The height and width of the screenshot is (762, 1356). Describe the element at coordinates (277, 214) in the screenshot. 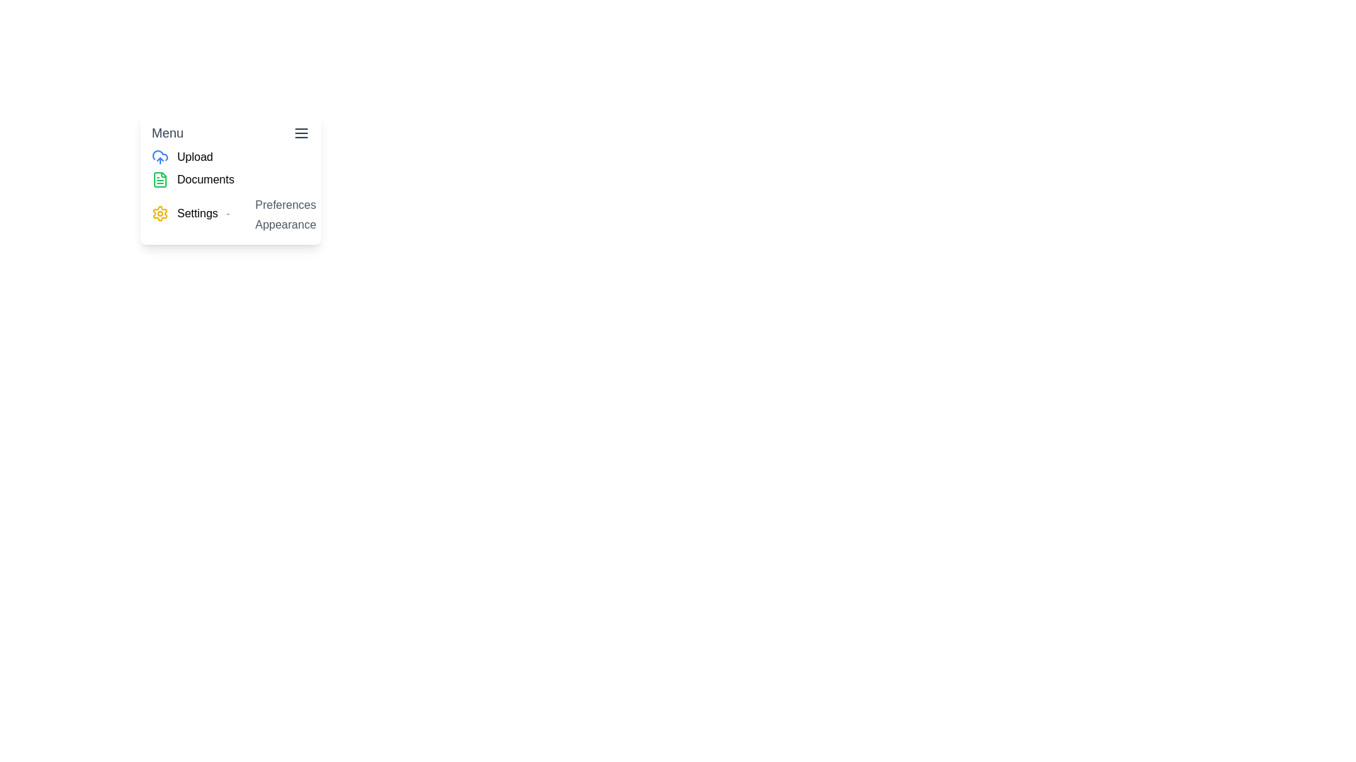

I see `the 'Appearance' option in the submenu under 'Settings'` at that location.